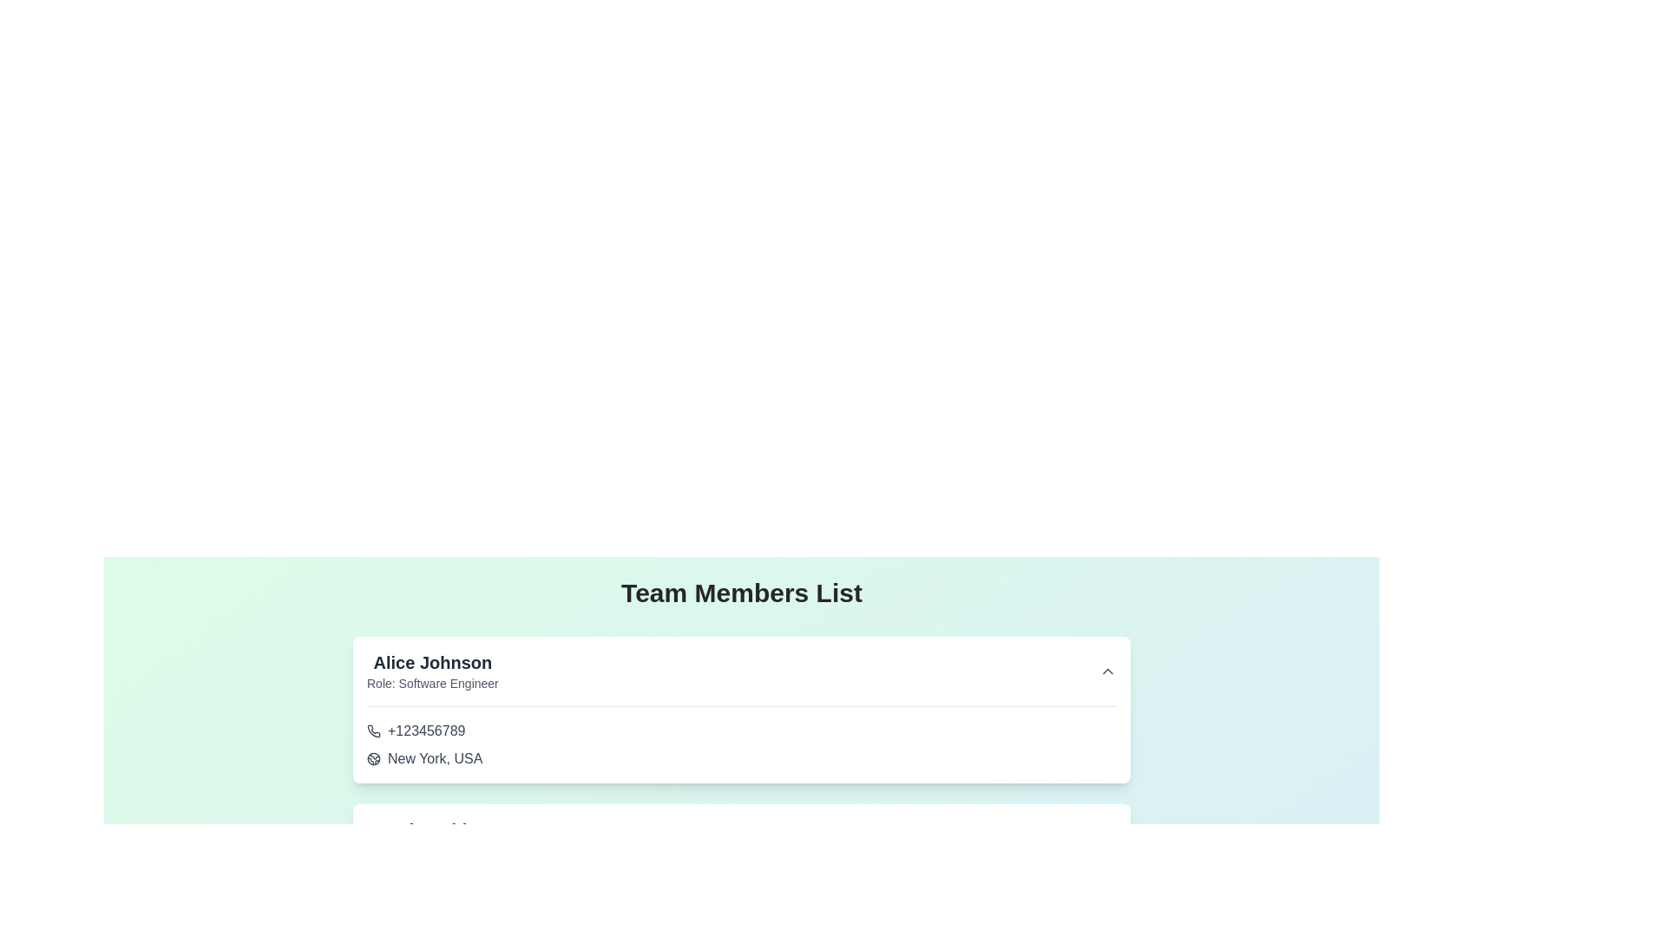 This screenshot has height=937, width=1666. I want to click on the text label displaying the name and role of a team member located in the upper-left corner of a card-like structure, so click(432, 671).